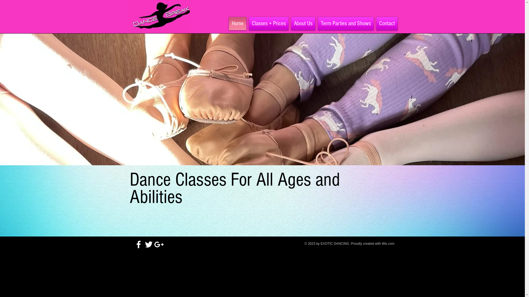  What do you see at coordinates (374, 23) in the screenshot?
I see `'Contact'` at bounding box center [374, 23].